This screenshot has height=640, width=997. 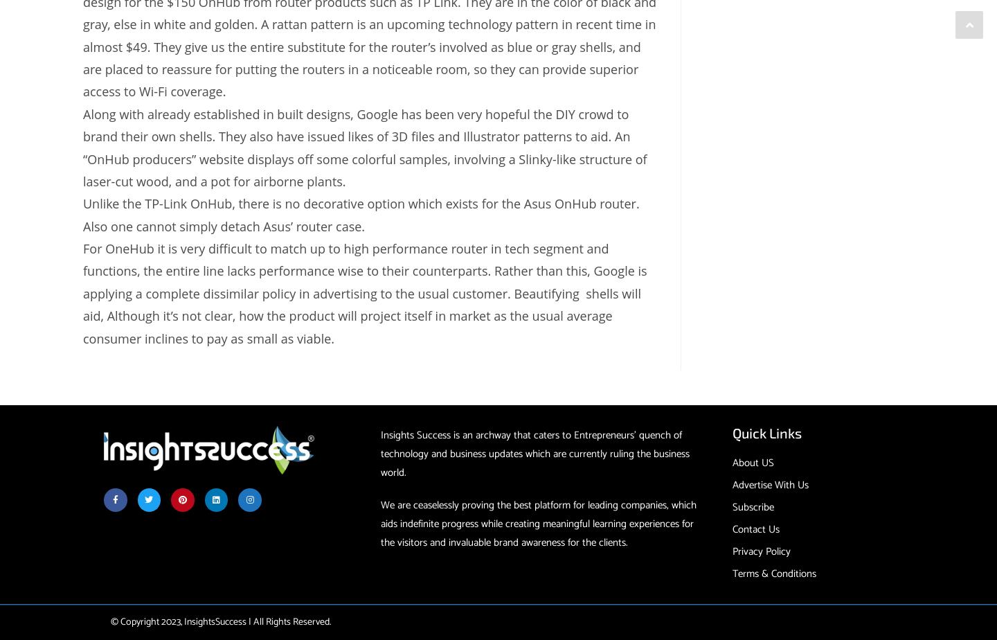 What do you see at coordinates (732, 529) in the screenshot?
I see `'Contact Us'` at bounding box center [732, 529].